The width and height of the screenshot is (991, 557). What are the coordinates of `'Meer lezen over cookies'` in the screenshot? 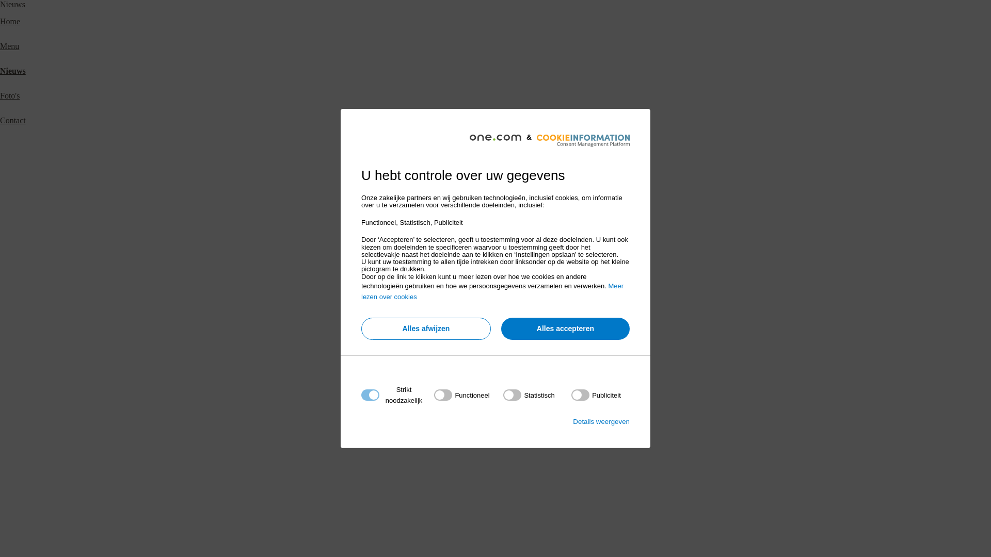 It's located at (492, 291).